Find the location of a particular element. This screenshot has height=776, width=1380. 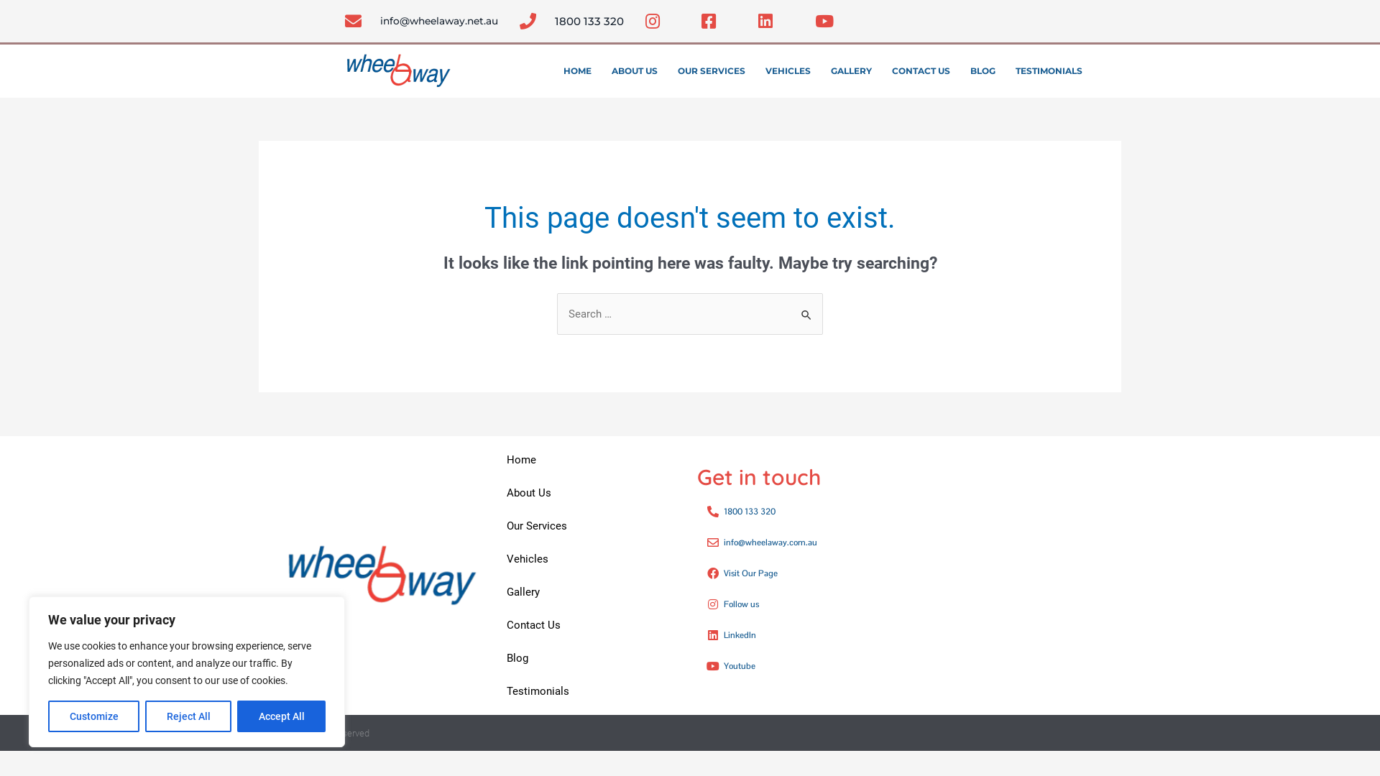

'Youtube' is located at coordinates (796, 665).